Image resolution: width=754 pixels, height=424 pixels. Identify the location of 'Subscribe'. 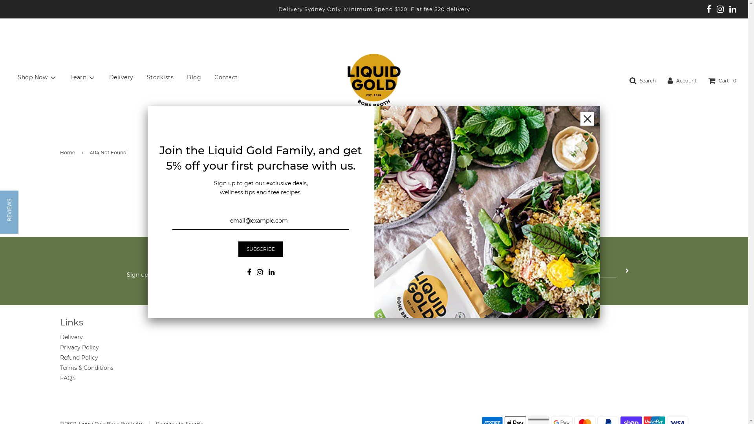
(260, 249).